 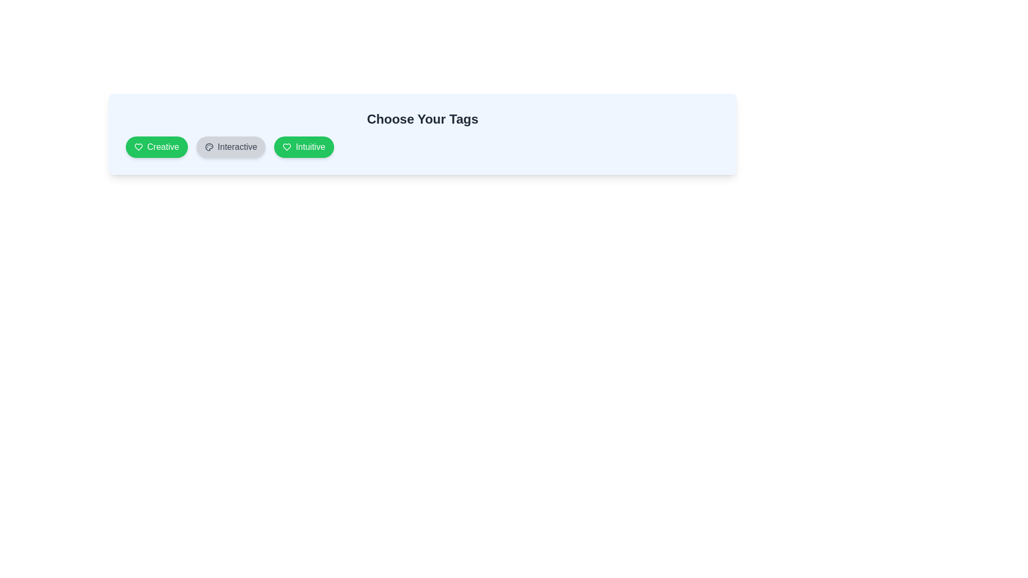 I want to click on the tag Intuitive, so click(x=303, y=147).